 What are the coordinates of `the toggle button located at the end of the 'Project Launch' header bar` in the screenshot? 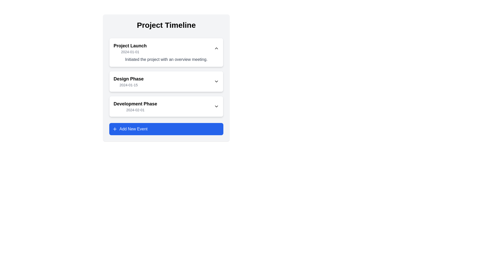 It's located at (216, 48).